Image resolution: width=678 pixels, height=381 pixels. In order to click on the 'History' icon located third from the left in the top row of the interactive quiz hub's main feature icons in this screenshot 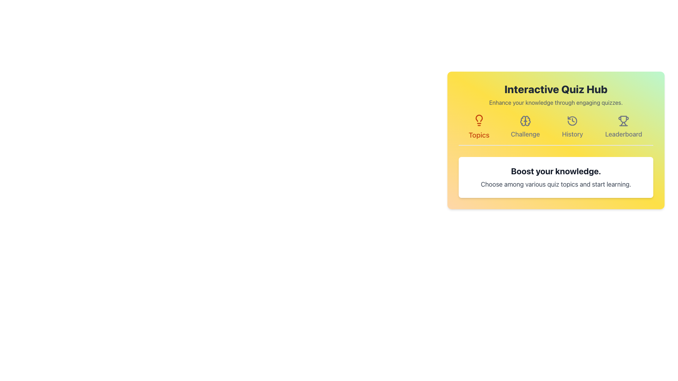, I will do `click(572, 121)`.